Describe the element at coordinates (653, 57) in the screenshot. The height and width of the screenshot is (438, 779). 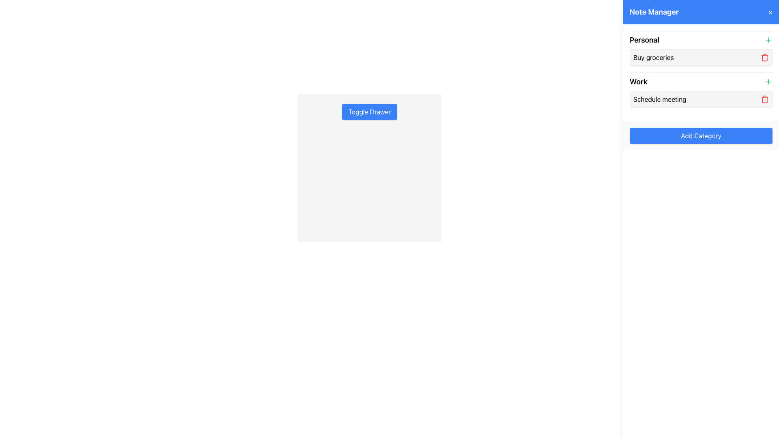
I see `the text label displaying 'Buy groceries' inside the 'Personal' section of the 'Note Manager' sidebar` at that location.